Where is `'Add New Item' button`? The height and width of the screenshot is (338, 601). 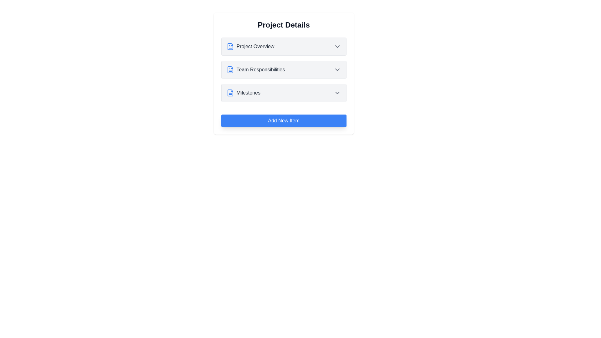
'Add New Item' button is located at coordinates (283, 120).